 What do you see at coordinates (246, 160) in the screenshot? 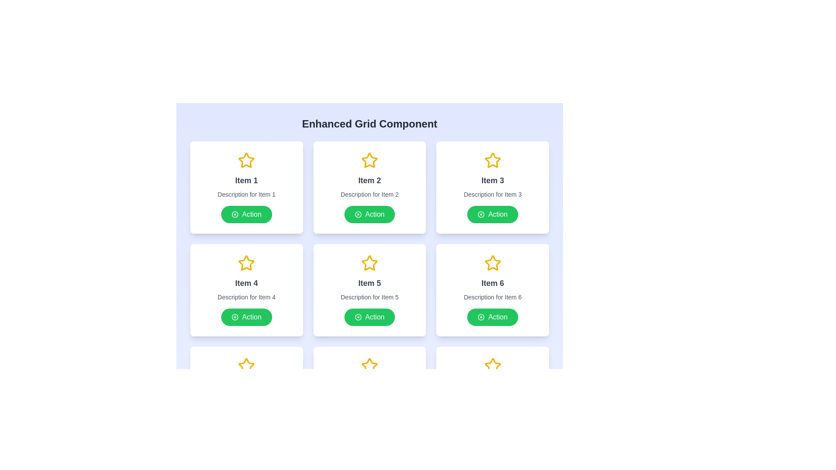
I see `the star icon in the first card of the grid layout, which is located directly above the text 'Item 1'` at bounding box center [246, 160].